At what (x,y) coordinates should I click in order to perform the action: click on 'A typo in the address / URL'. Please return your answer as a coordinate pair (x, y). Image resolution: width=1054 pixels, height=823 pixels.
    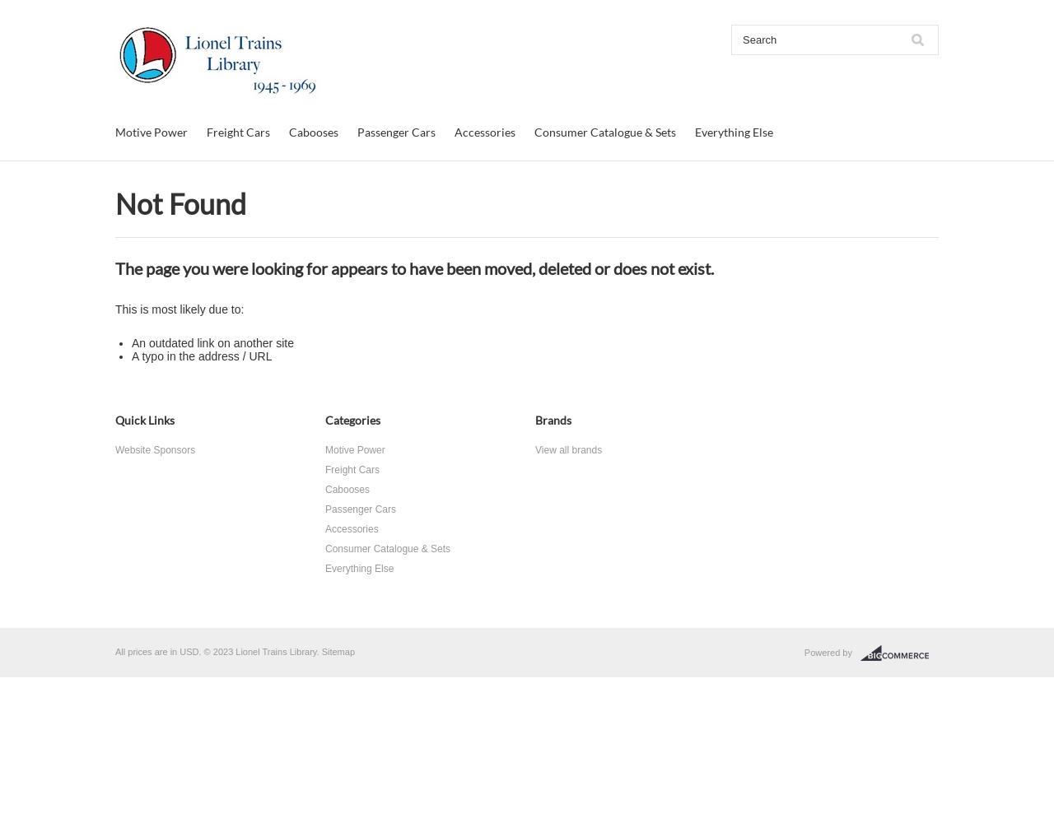
    Looking at the image, I should click on (200, 356).